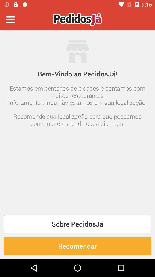  What do you see at coordinates (10, 20) in the screenshot?
I see `item above bem vindo ao item` at bounding box center [10, 20].